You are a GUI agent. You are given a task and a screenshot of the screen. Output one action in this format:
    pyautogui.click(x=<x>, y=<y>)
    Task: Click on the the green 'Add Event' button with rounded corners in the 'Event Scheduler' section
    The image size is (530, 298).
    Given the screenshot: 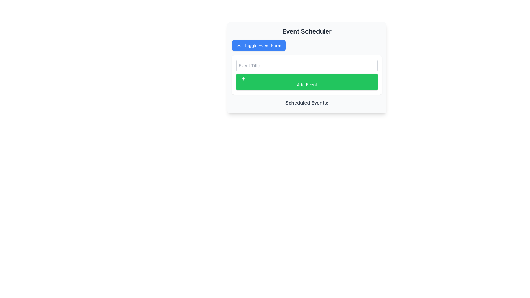 What is the action you would take?
    pyautogui.click(x=307, y=75)
    